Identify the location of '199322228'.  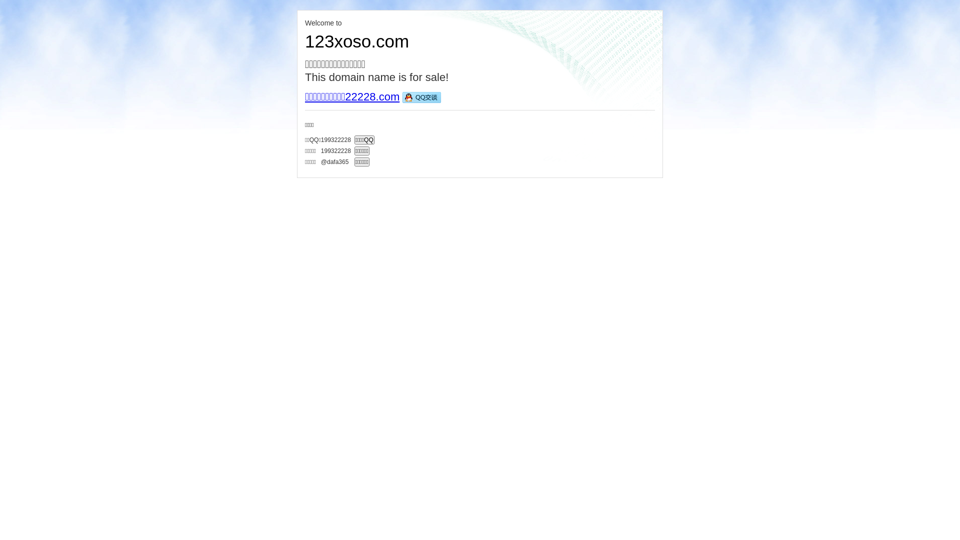
(336, 139).